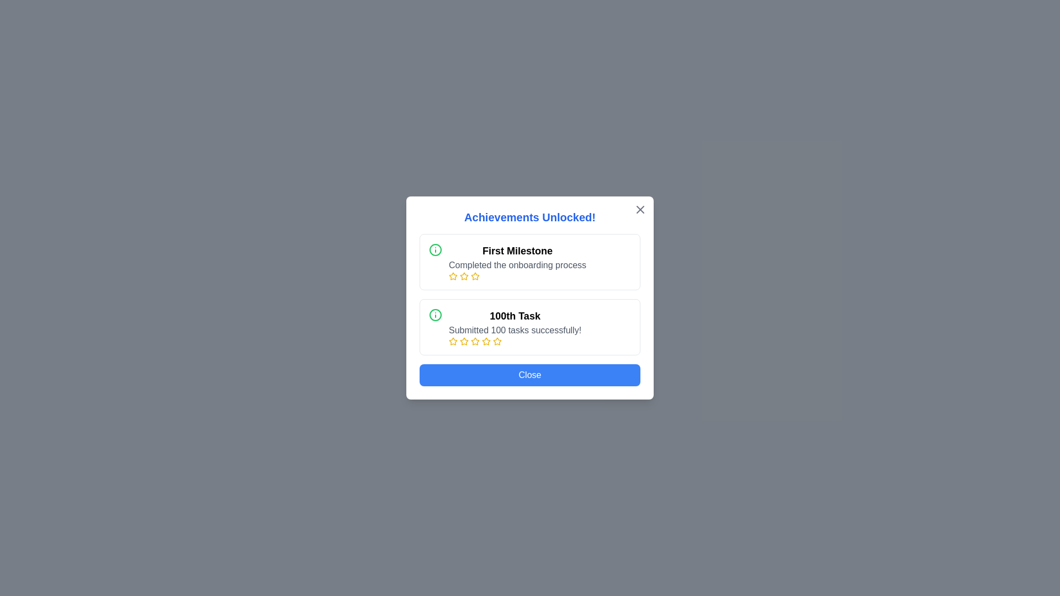  What do you see at coordinates (486, 340) in the screenshot?
I see `the star-shaped icon with a yellow outline in the achievement card interface, which represents a rating for the 100th Task Submitted achievement` at bounding box center [486, 340].